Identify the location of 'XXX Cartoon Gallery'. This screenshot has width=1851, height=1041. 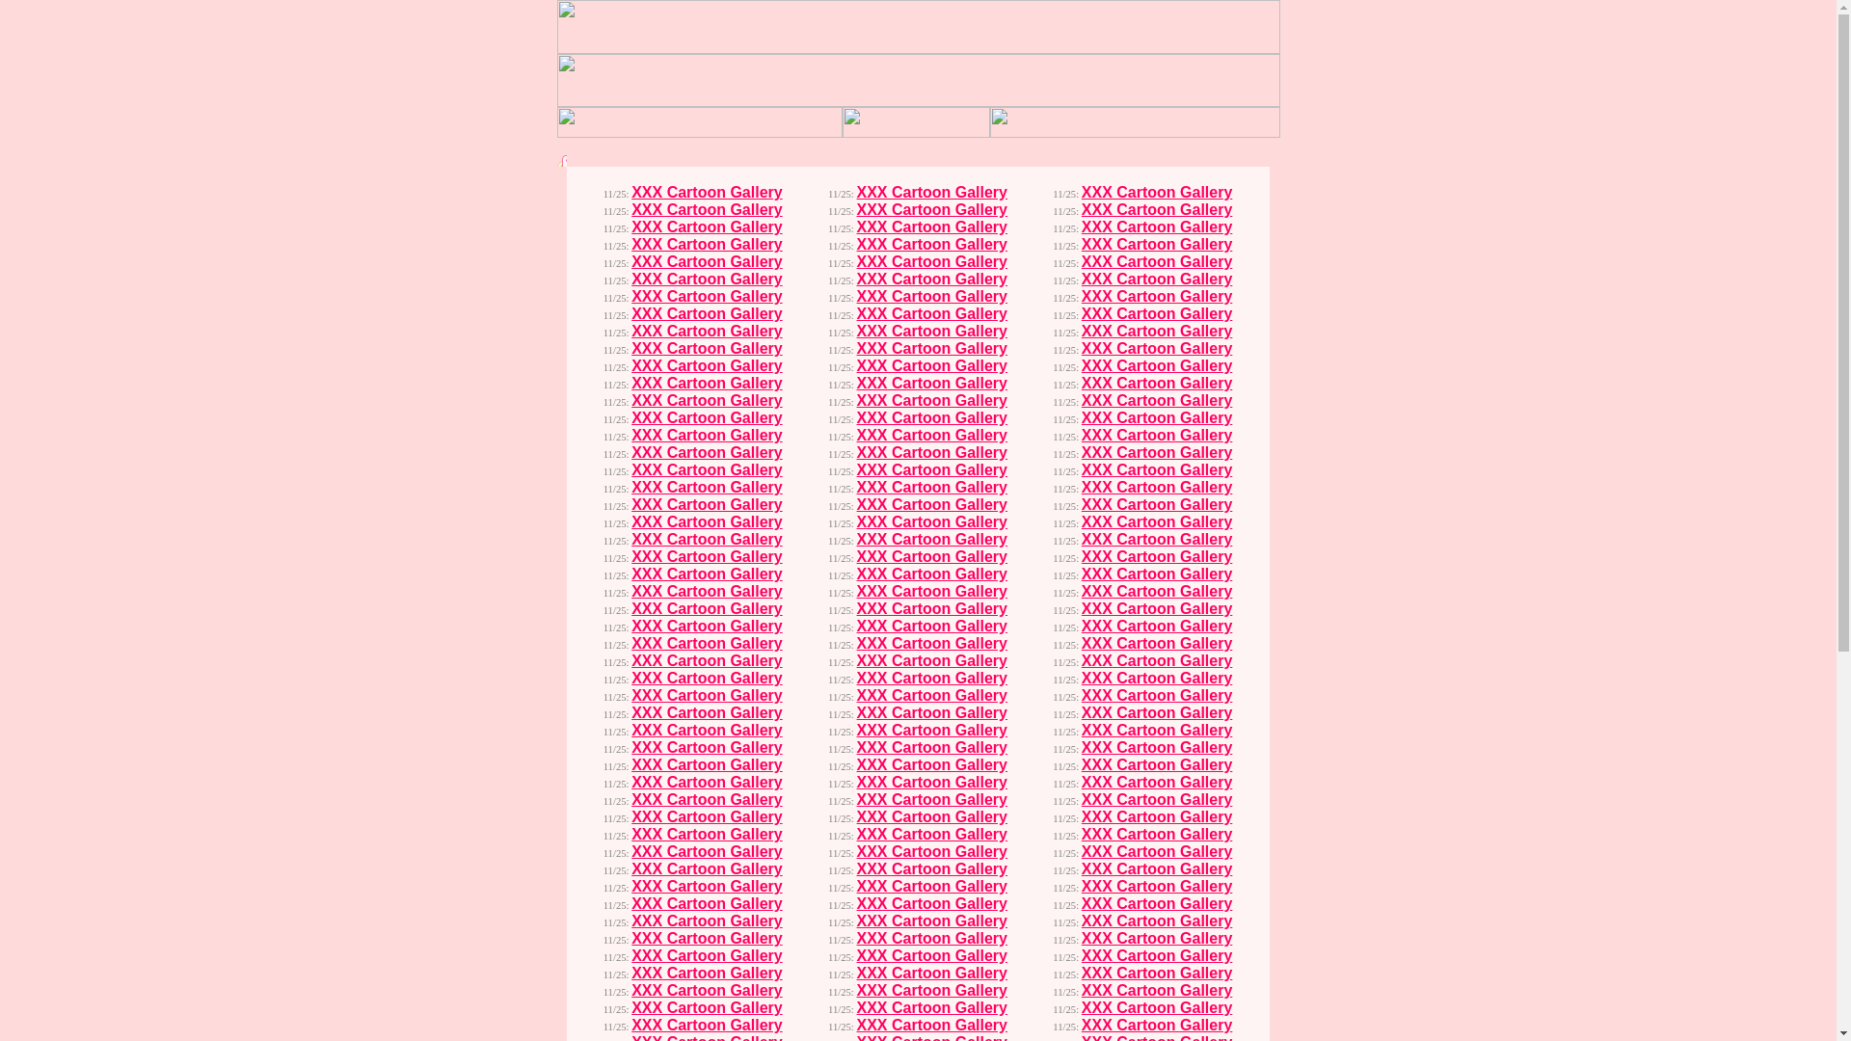
(630, 261).